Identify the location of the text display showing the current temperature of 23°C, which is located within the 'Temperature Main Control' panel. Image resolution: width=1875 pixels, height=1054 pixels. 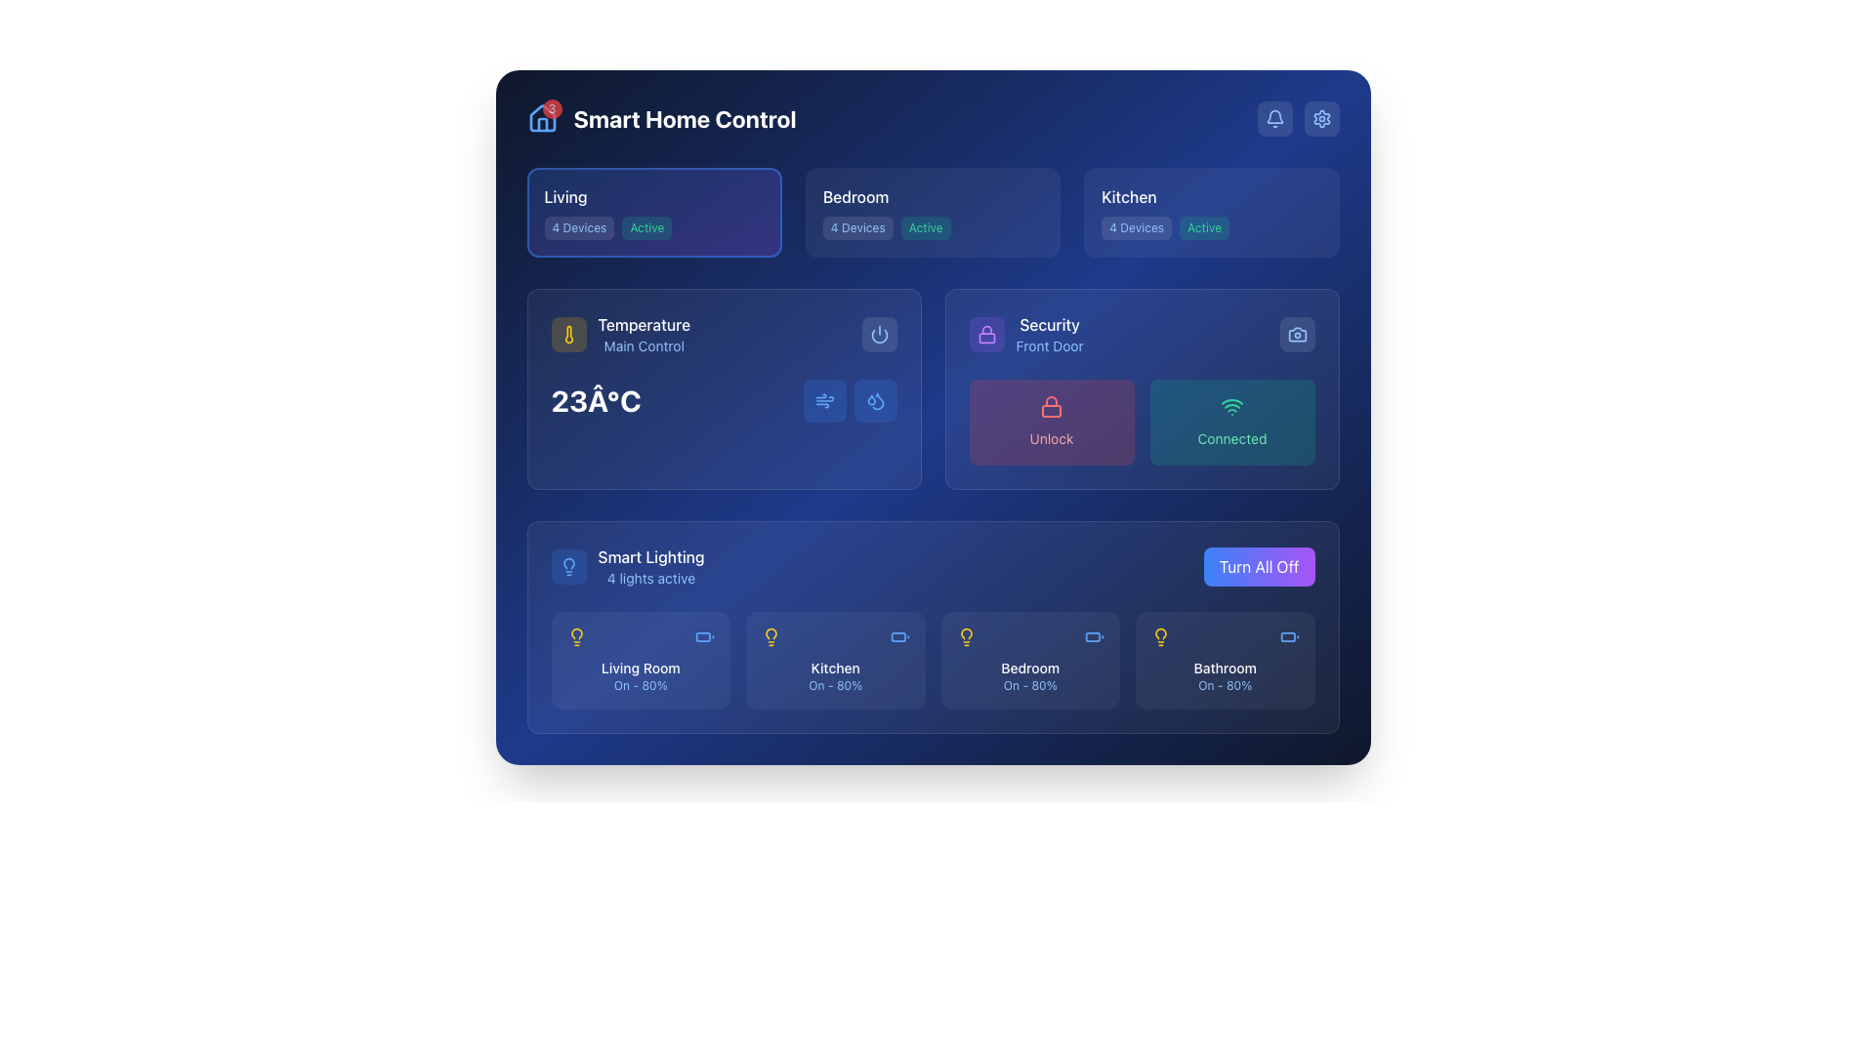
(595, 400).